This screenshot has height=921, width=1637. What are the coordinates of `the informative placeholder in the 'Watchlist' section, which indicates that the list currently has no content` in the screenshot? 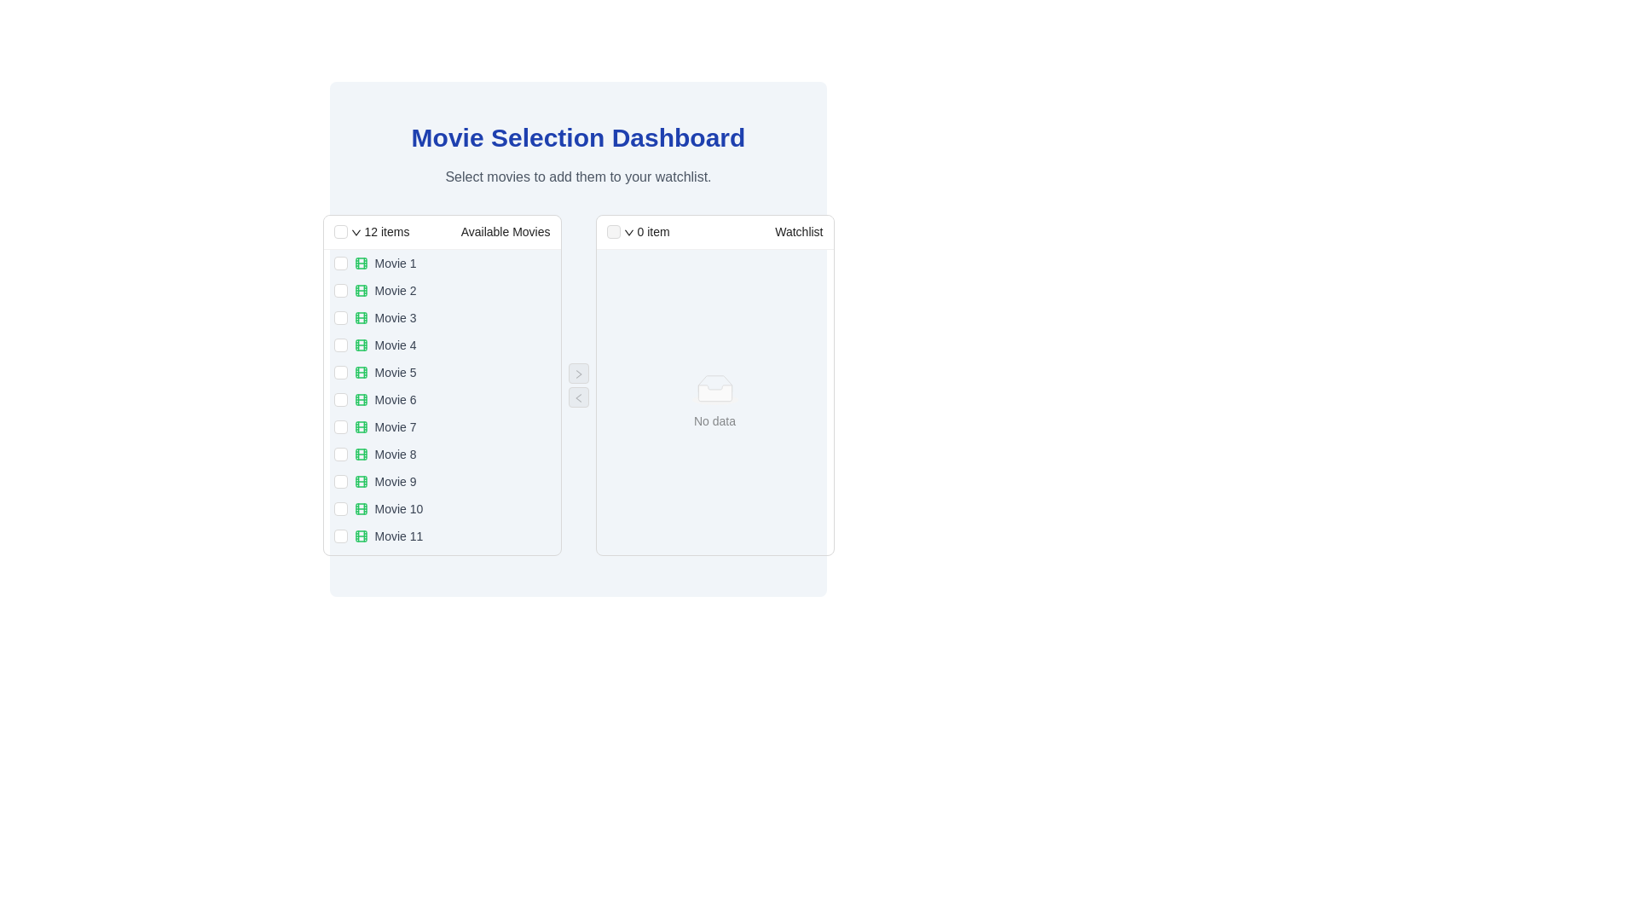 It's located at (714, 389).